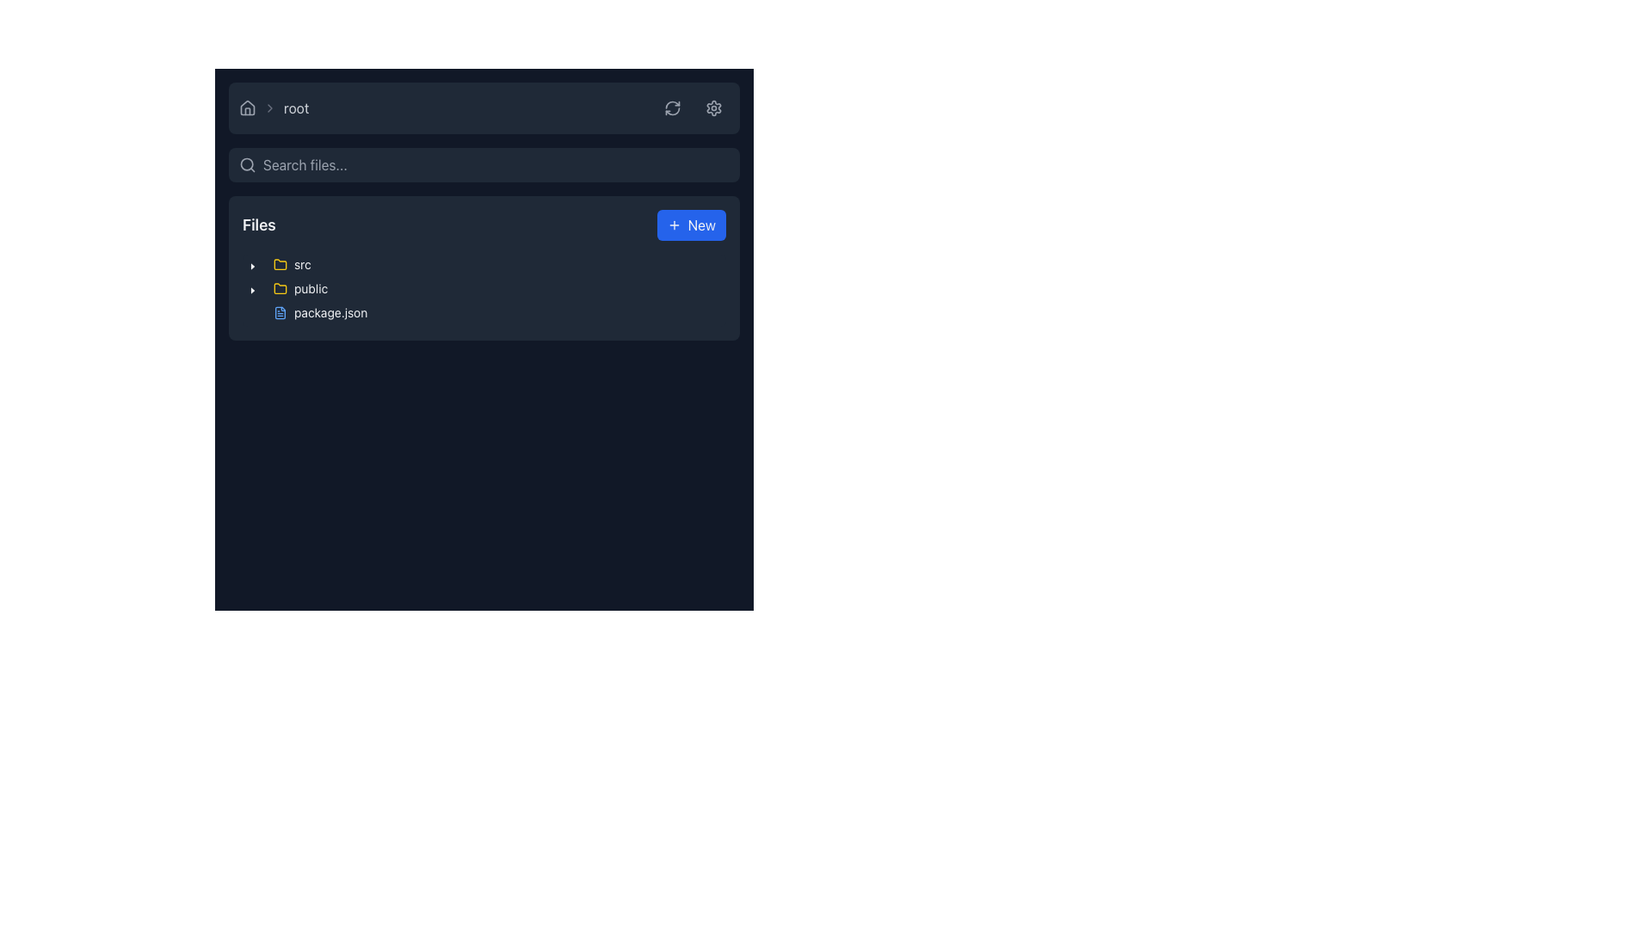  I want to click on to select the file named 'package.json' in the directory tree structure, which is the third entry following the 'src' and 'public' folders, so click(320, 312).